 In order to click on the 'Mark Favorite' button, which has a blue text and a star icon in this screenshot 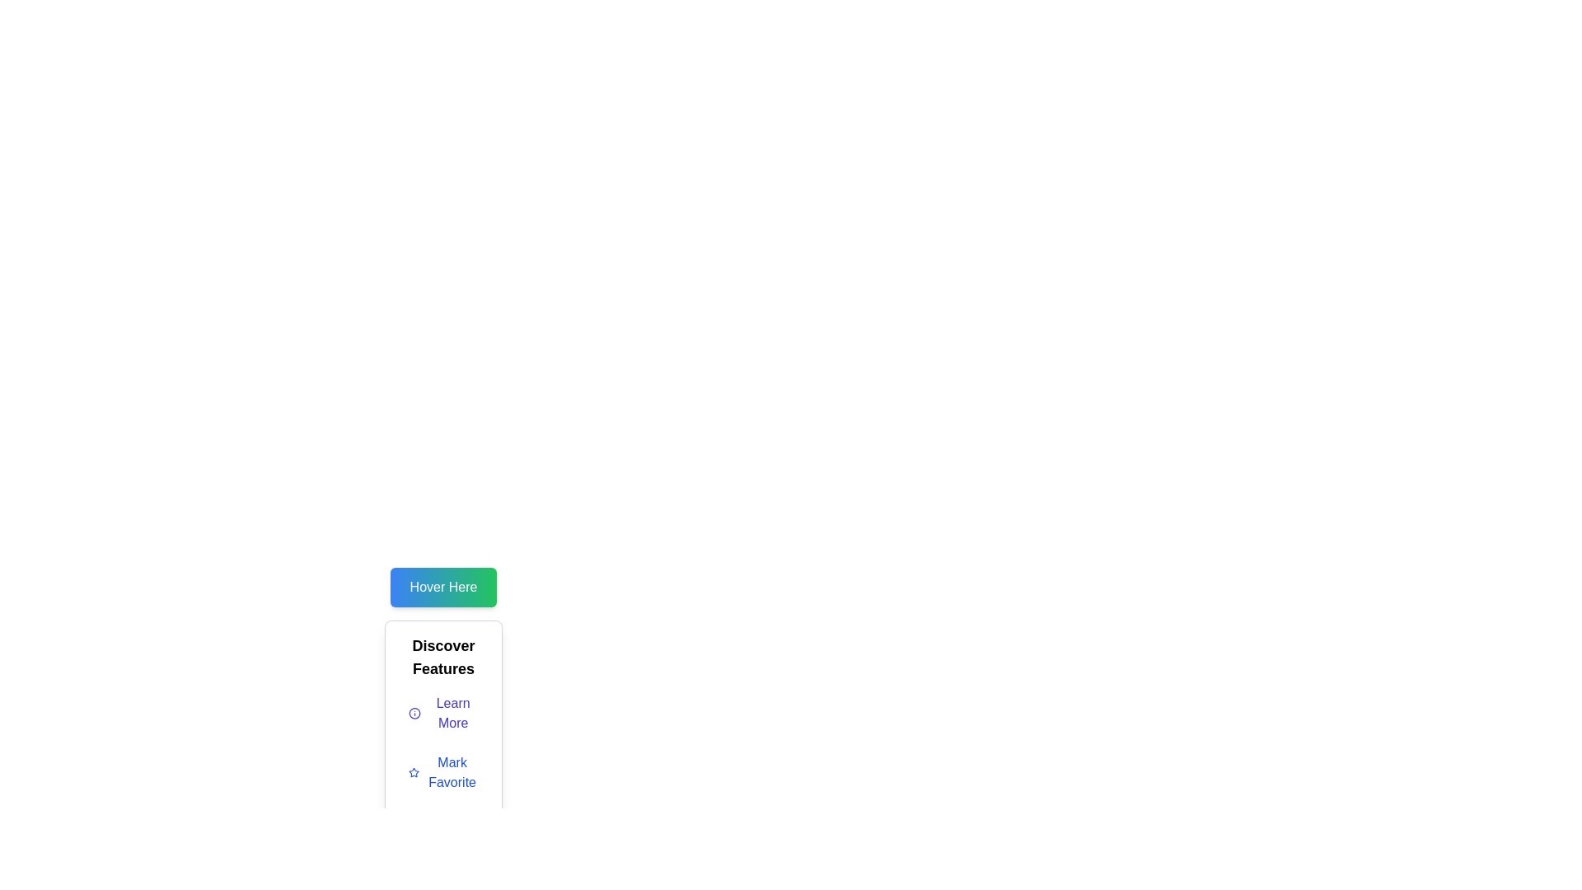, I will do `click(443, 772)`.